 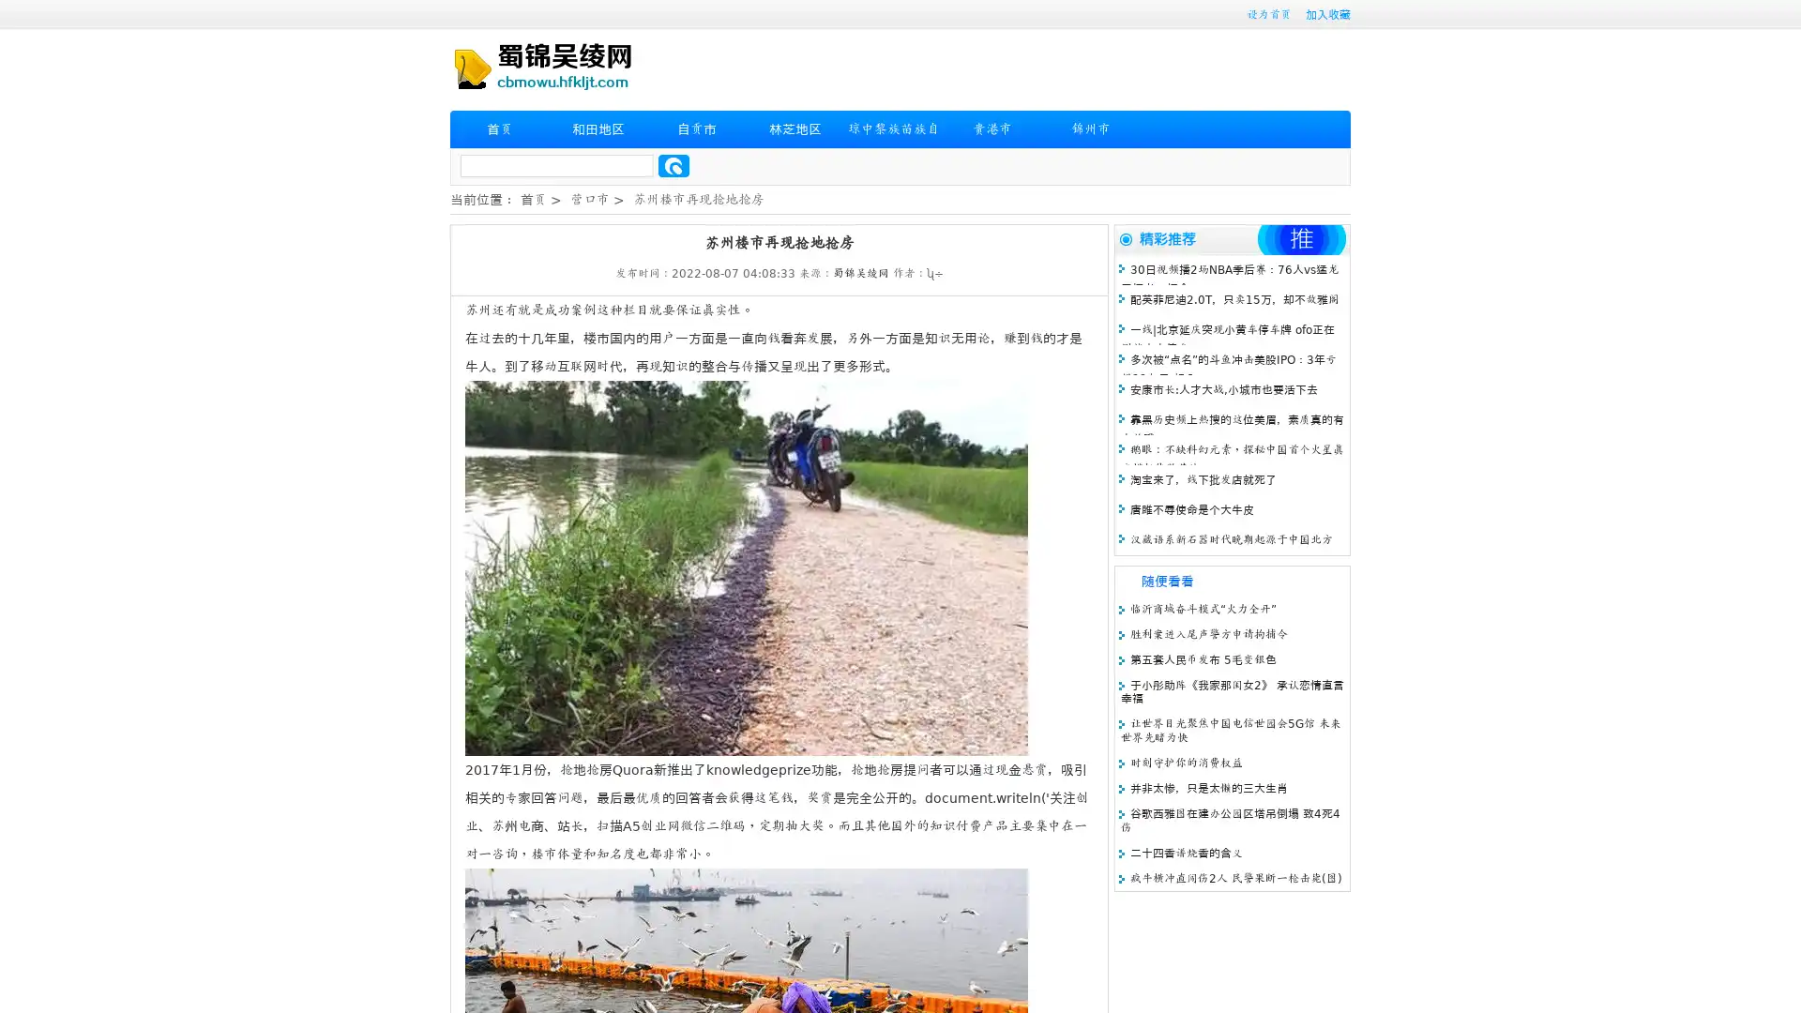 I want to click on Search, so click(x=673, y=165).